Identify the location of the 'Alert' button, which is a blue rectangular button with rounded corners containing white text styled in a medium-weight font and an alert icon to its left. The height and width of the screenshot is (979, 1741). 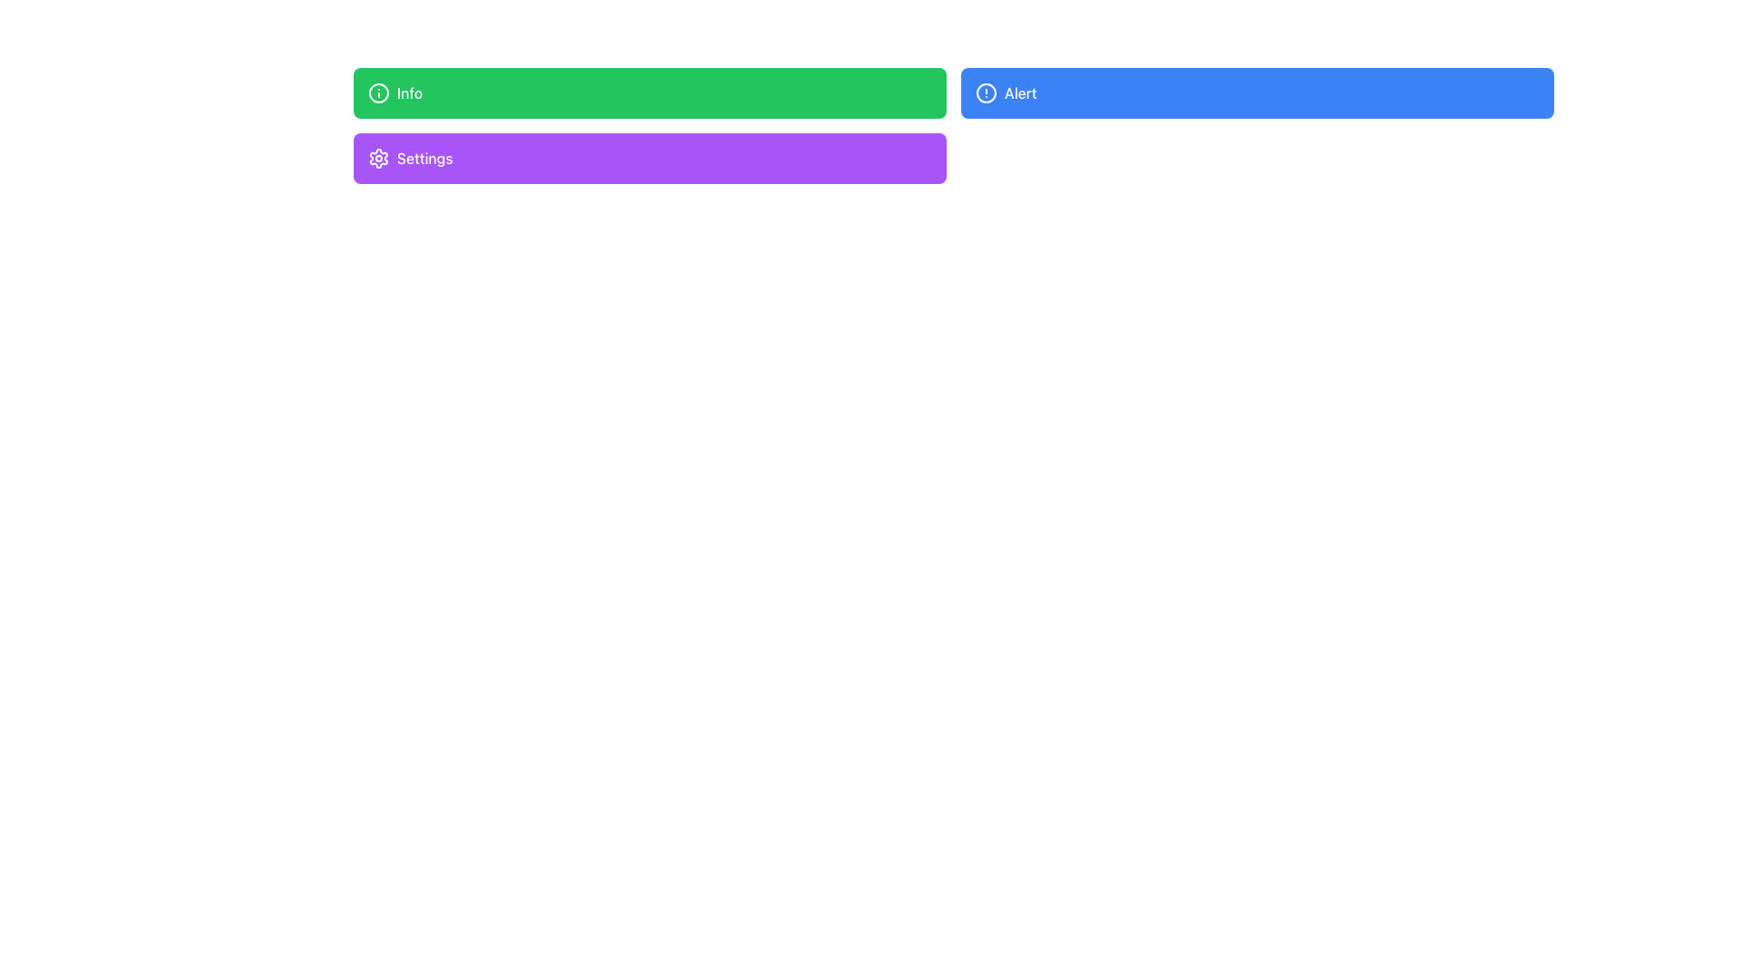
(1020, 93).